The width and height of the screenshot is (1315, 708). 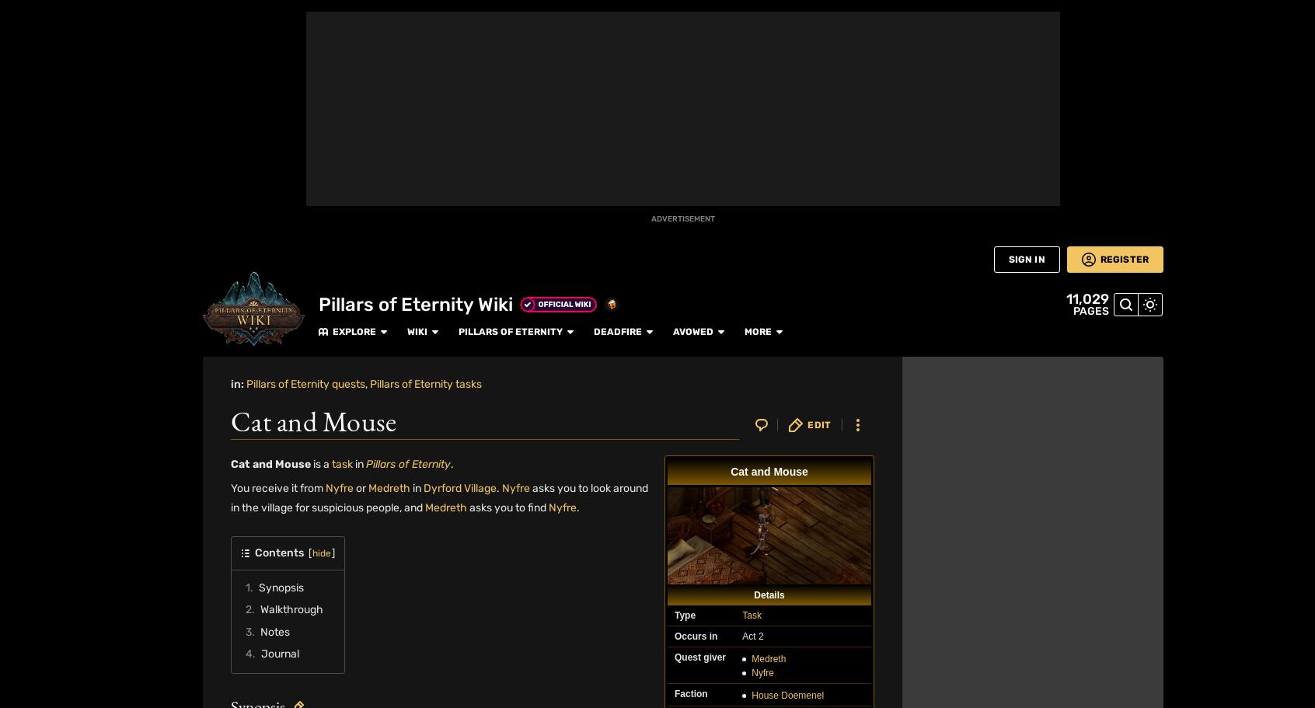 I want to click on 'I killed Medreth and allowed Nyfre to flee. She was grateful for the second chance.', so click(x=514, y=97).